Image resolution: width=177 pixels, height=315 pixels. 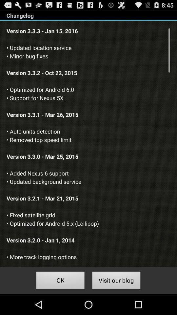 What do you see at coordinates (60, 281) in the screenshot?
I see `the icon below the version 3 3` at bounding box center [60, 281].